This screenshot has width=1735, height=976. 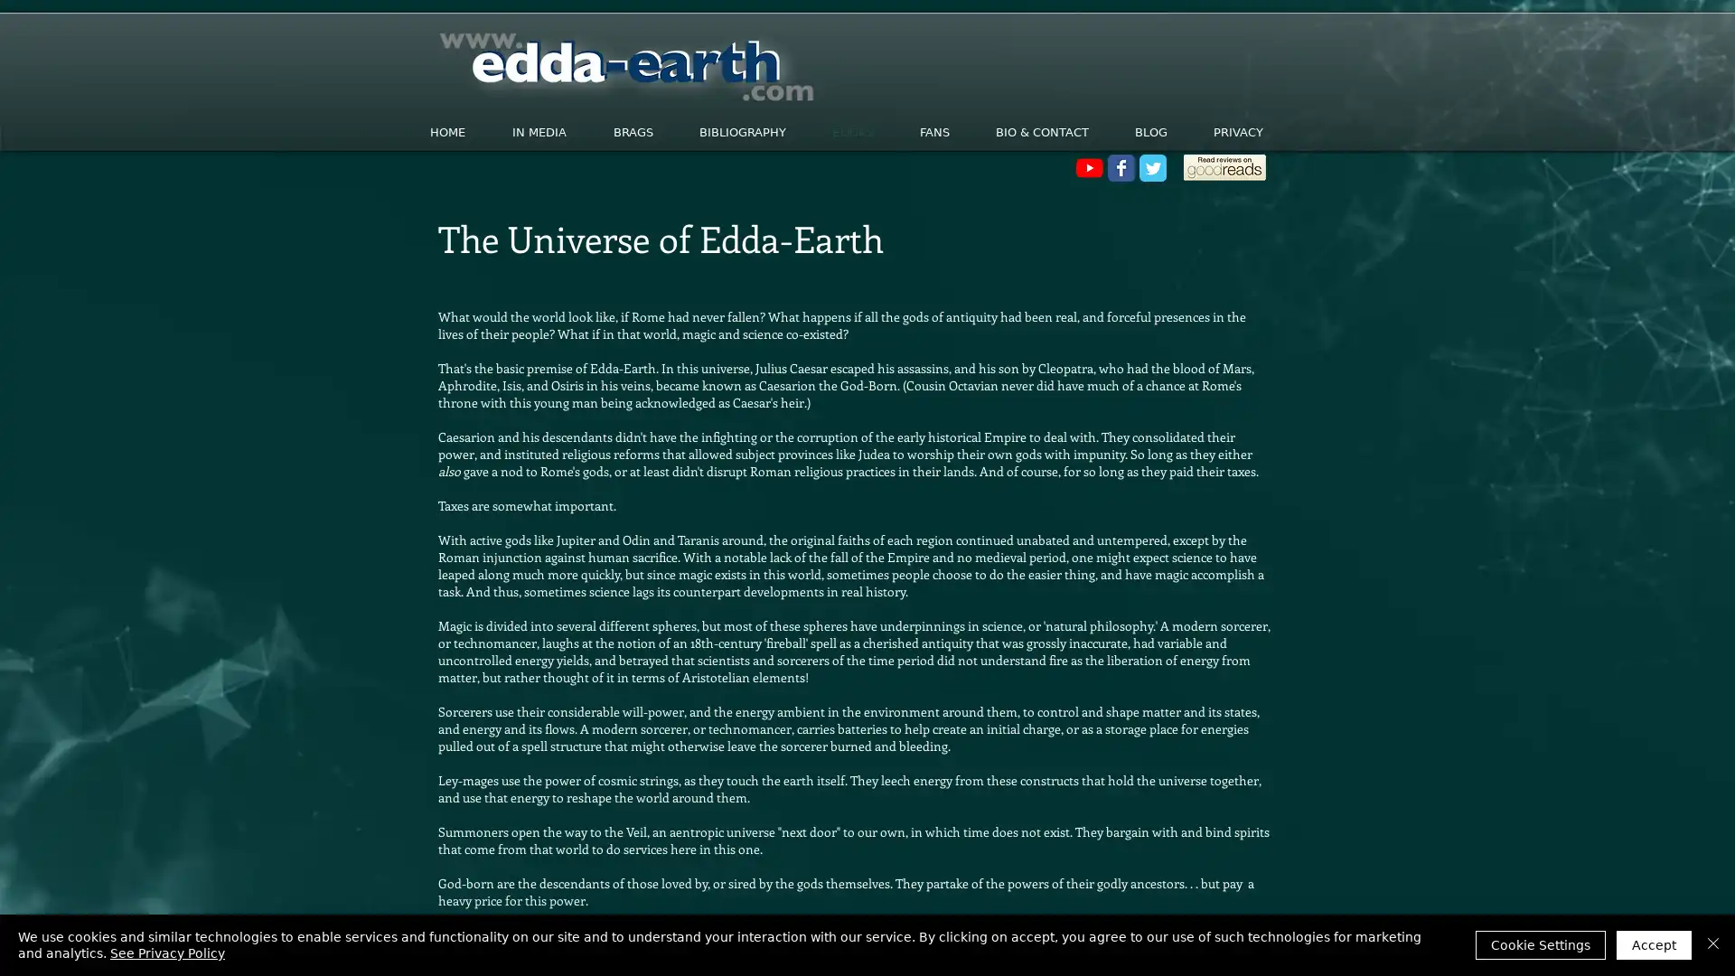 I want to click on Cookie Settings, so click(x=1539, y=943).